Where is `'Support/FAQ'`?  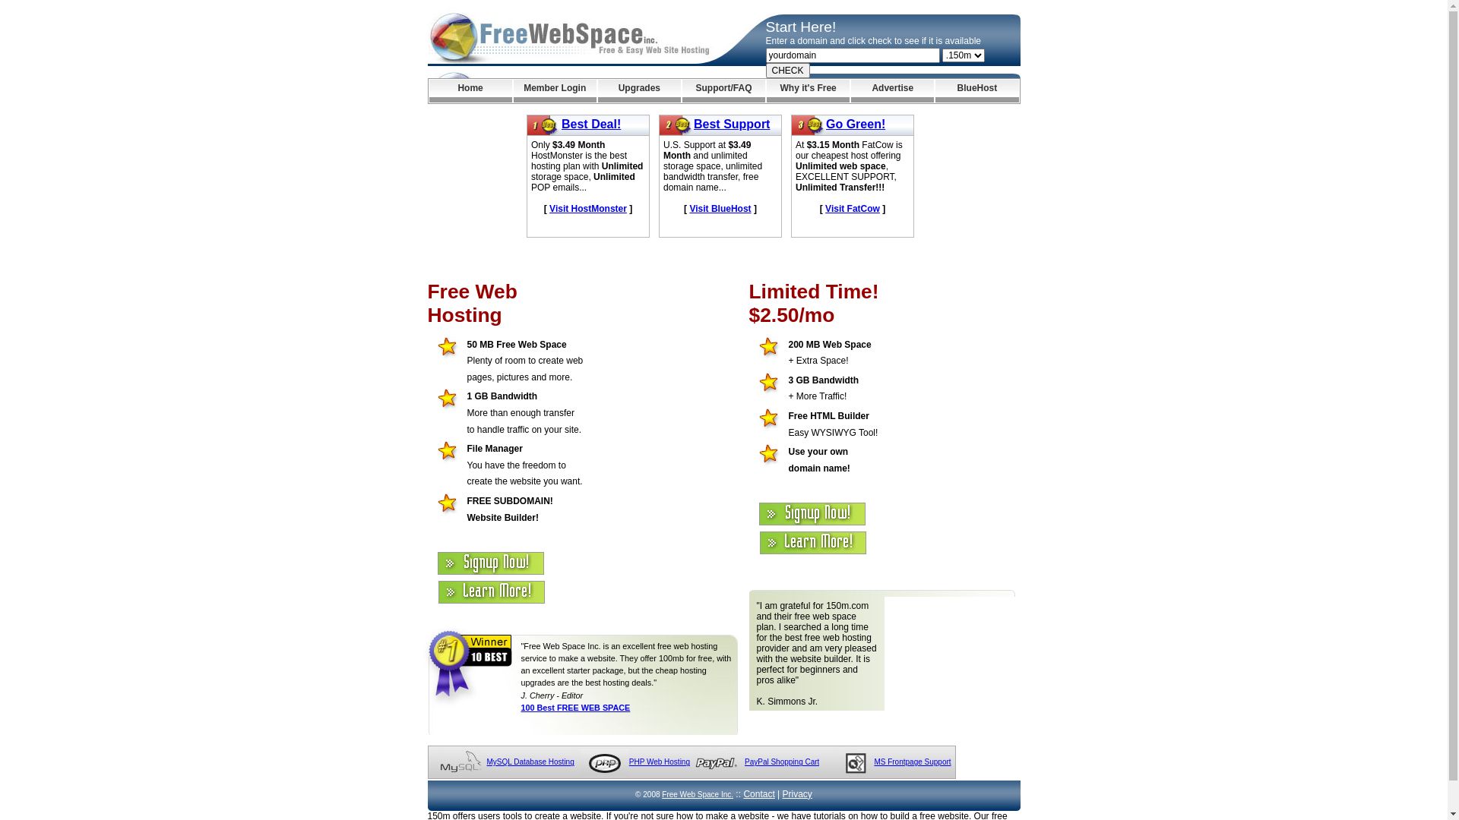
'Support/FAQ' is located at coordinates (681, 90).